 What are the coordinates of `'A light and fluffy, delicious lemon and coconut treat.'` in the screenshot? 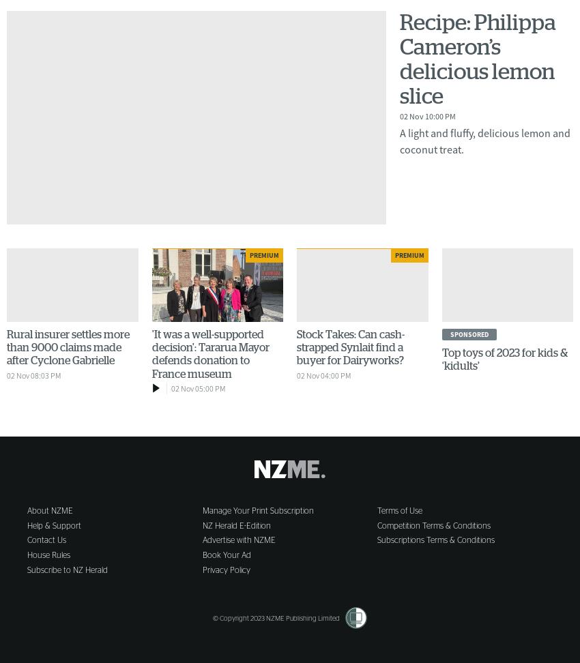 It's located at (484, 139).